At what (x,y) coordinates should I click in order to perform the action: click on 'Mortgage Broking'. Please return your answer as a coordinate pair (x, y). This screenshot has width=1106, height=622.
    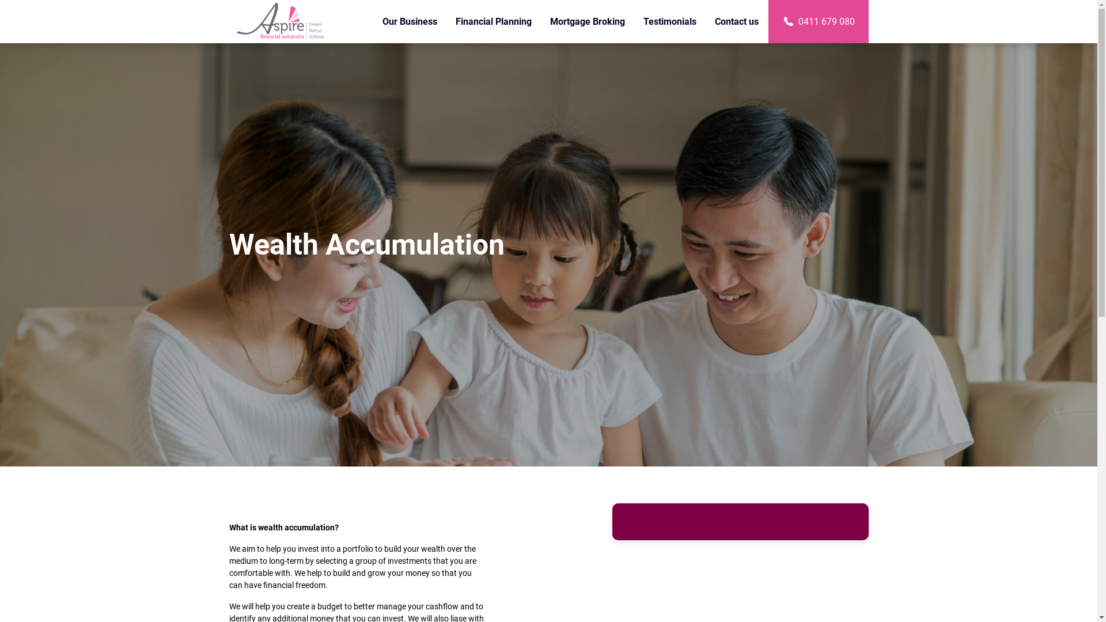
    Looking at the image, I should click on (540, 21).